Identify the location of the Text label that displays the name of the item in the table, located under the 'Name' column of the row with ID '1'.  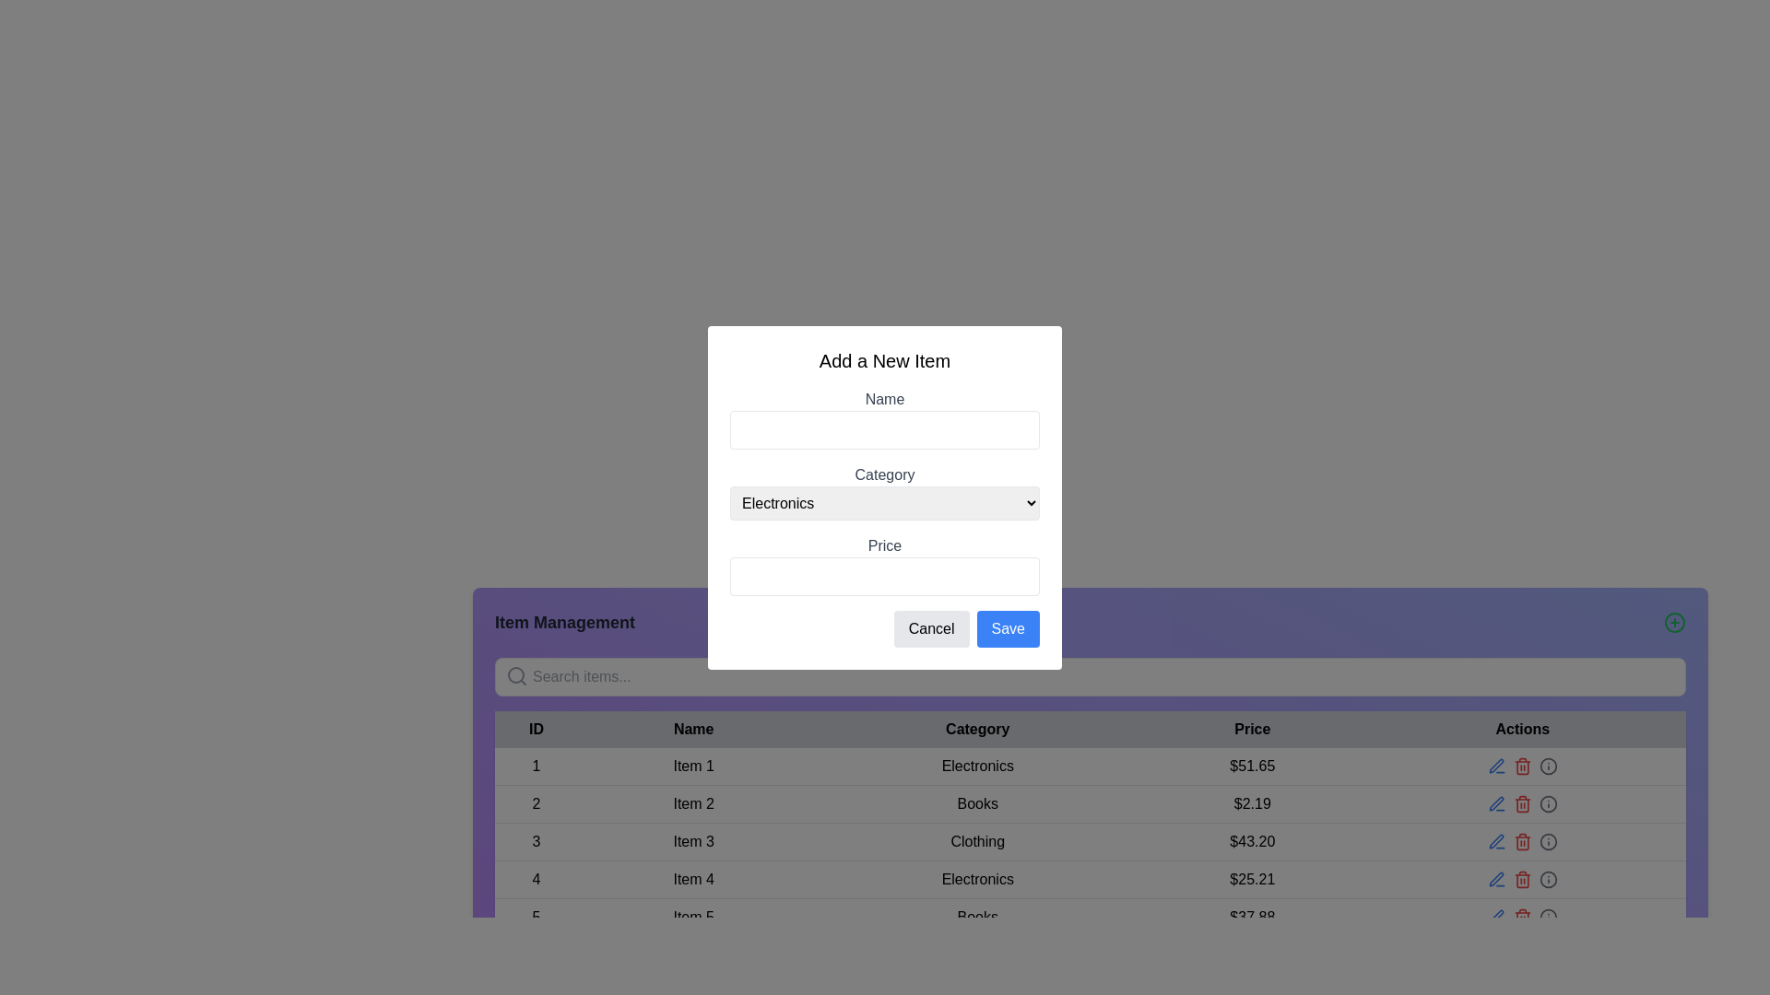
(692, 767).